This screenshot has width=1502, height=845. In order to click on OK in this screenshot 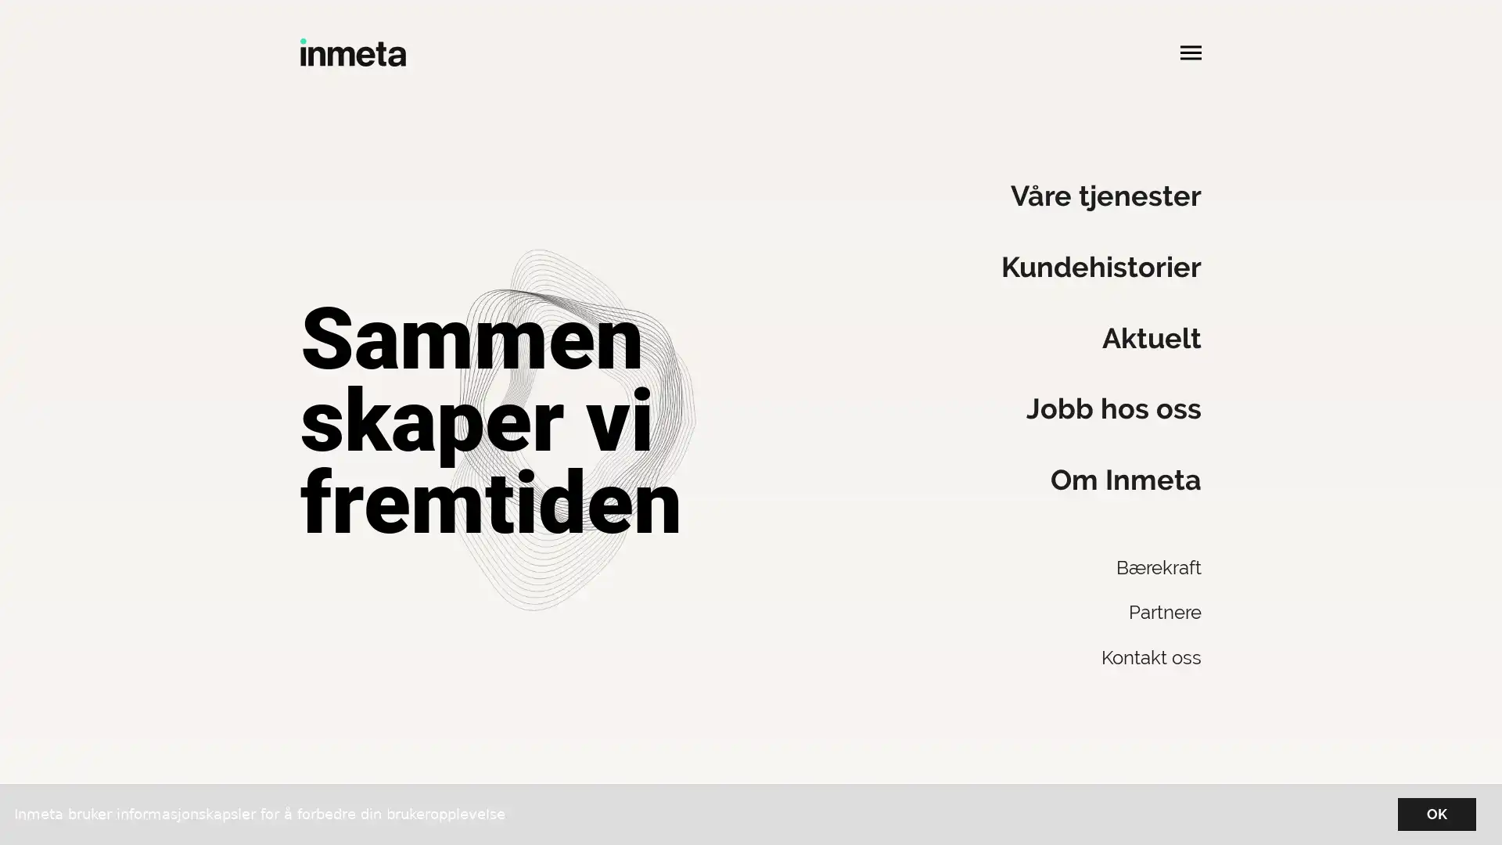, I will do `click(1437, 813)`.